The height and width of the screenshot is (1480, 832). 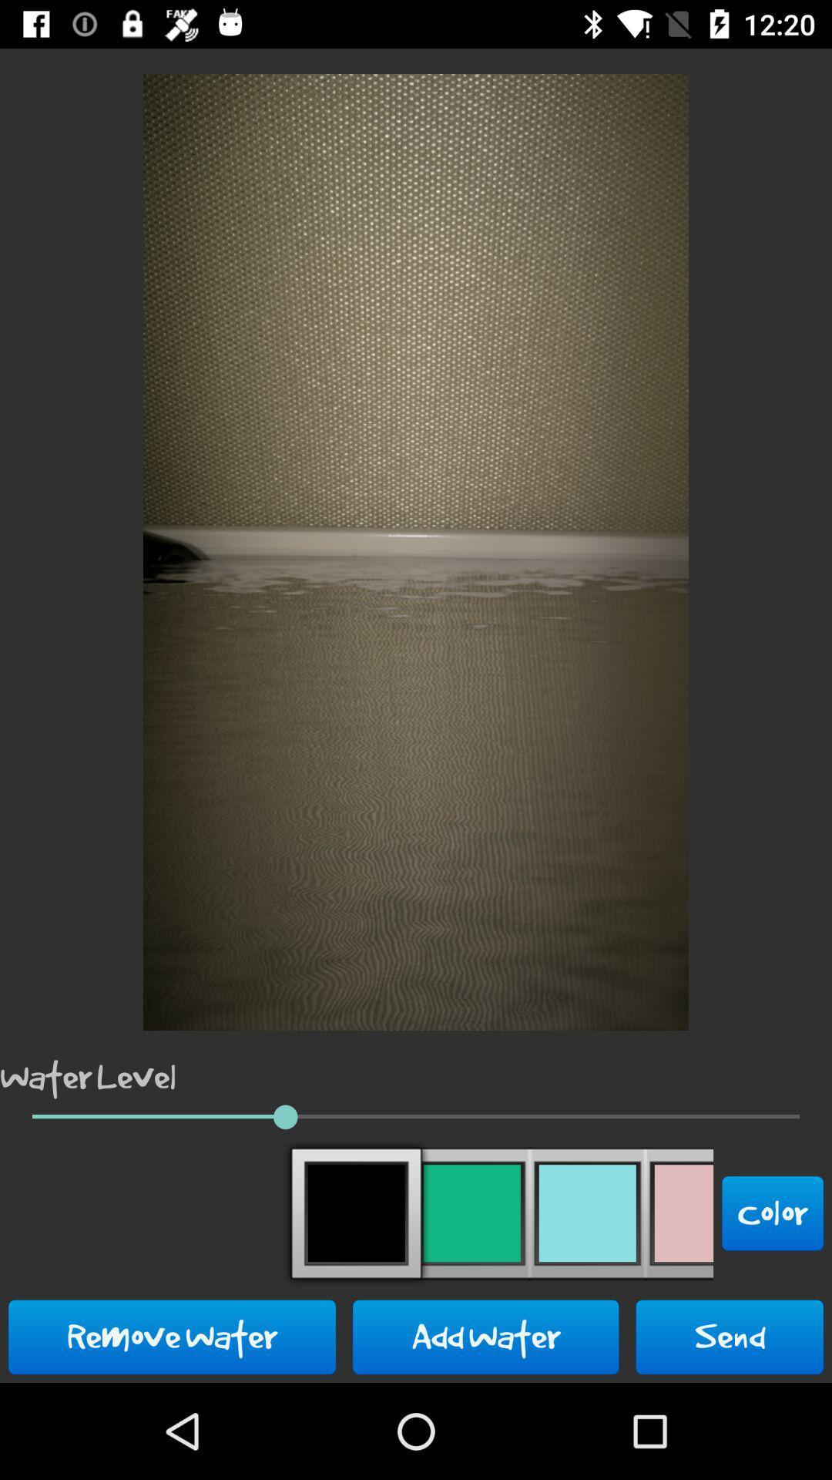 I want to click on the color button, so click(x=773, y=1213).